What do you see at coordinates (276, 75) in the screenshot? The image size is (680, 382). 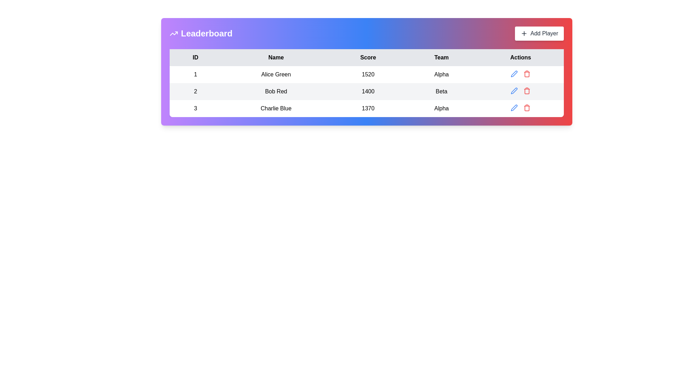 I see `text label that displays 'Alice Green' located in the second column of the leaderboard table under the 'Name' column` at bounding box center [276, 75].